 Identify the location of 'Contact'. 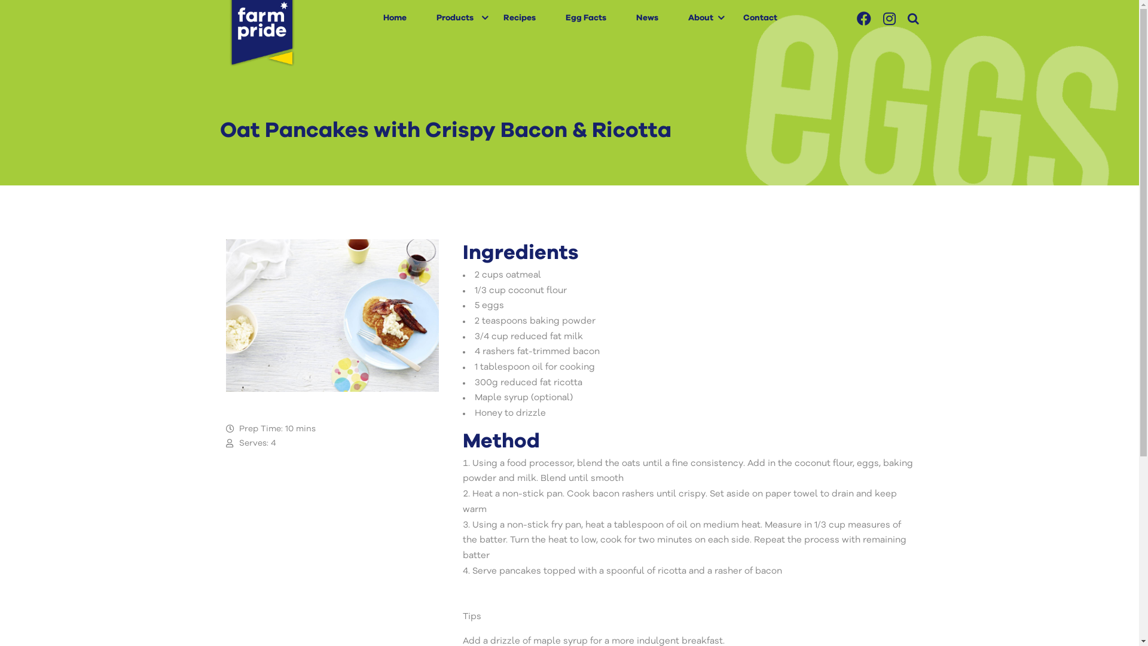
(759, 18).